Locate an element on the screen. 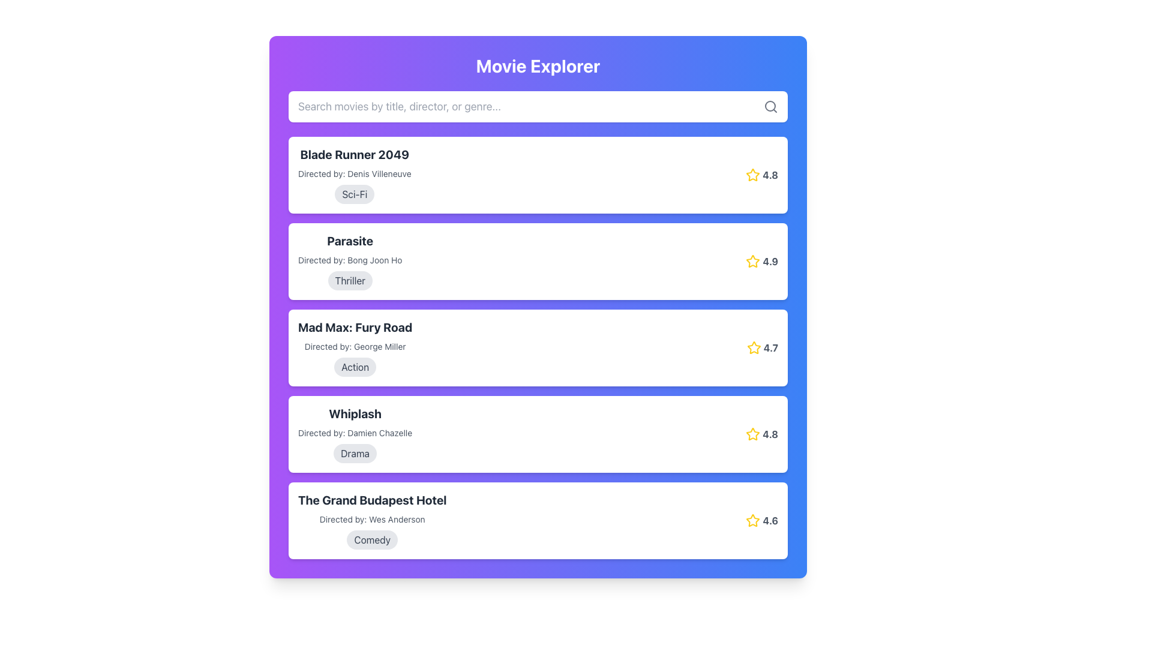  numerical rating text displaying a score of 4.8 next to the star icon for the item titled 'Whiplash' located on the right side of the list entry is located at coordinates (770, 434).